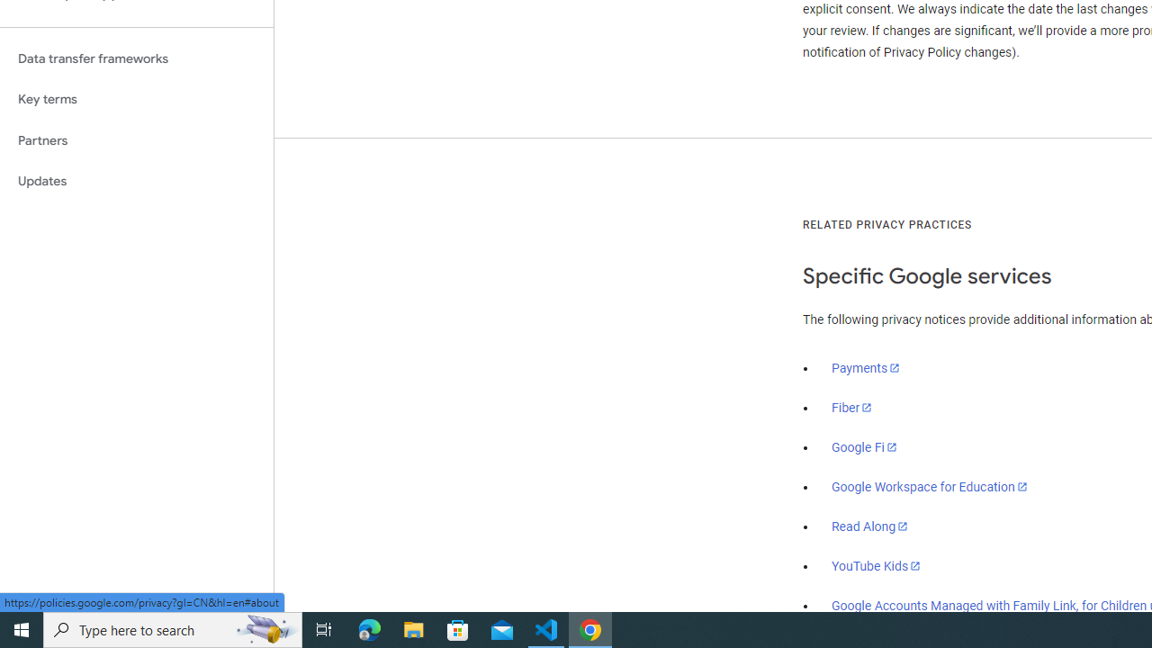 The width and height of the screenshot is (1152, 648). Describe the element at coordinates (929, 487) in the screenshot. I see `'Google Workspace for Education'` at that location.